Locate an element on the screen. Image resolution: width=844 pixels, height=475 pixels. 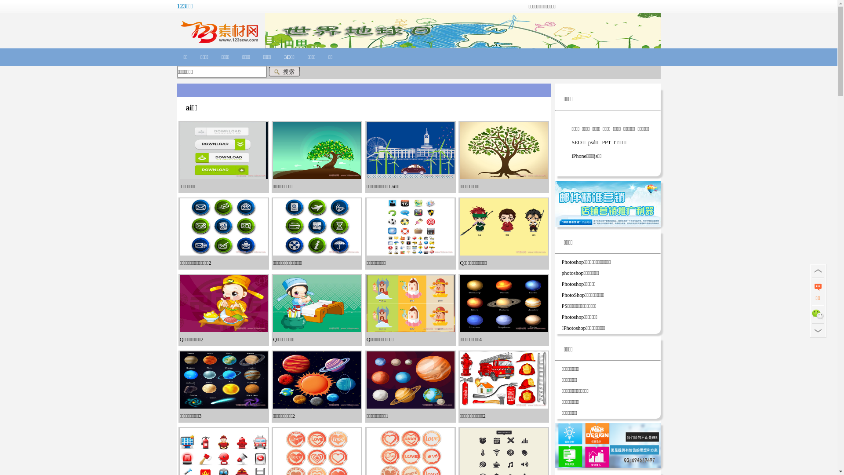
'PPT' is located at coordinates (600, 142).